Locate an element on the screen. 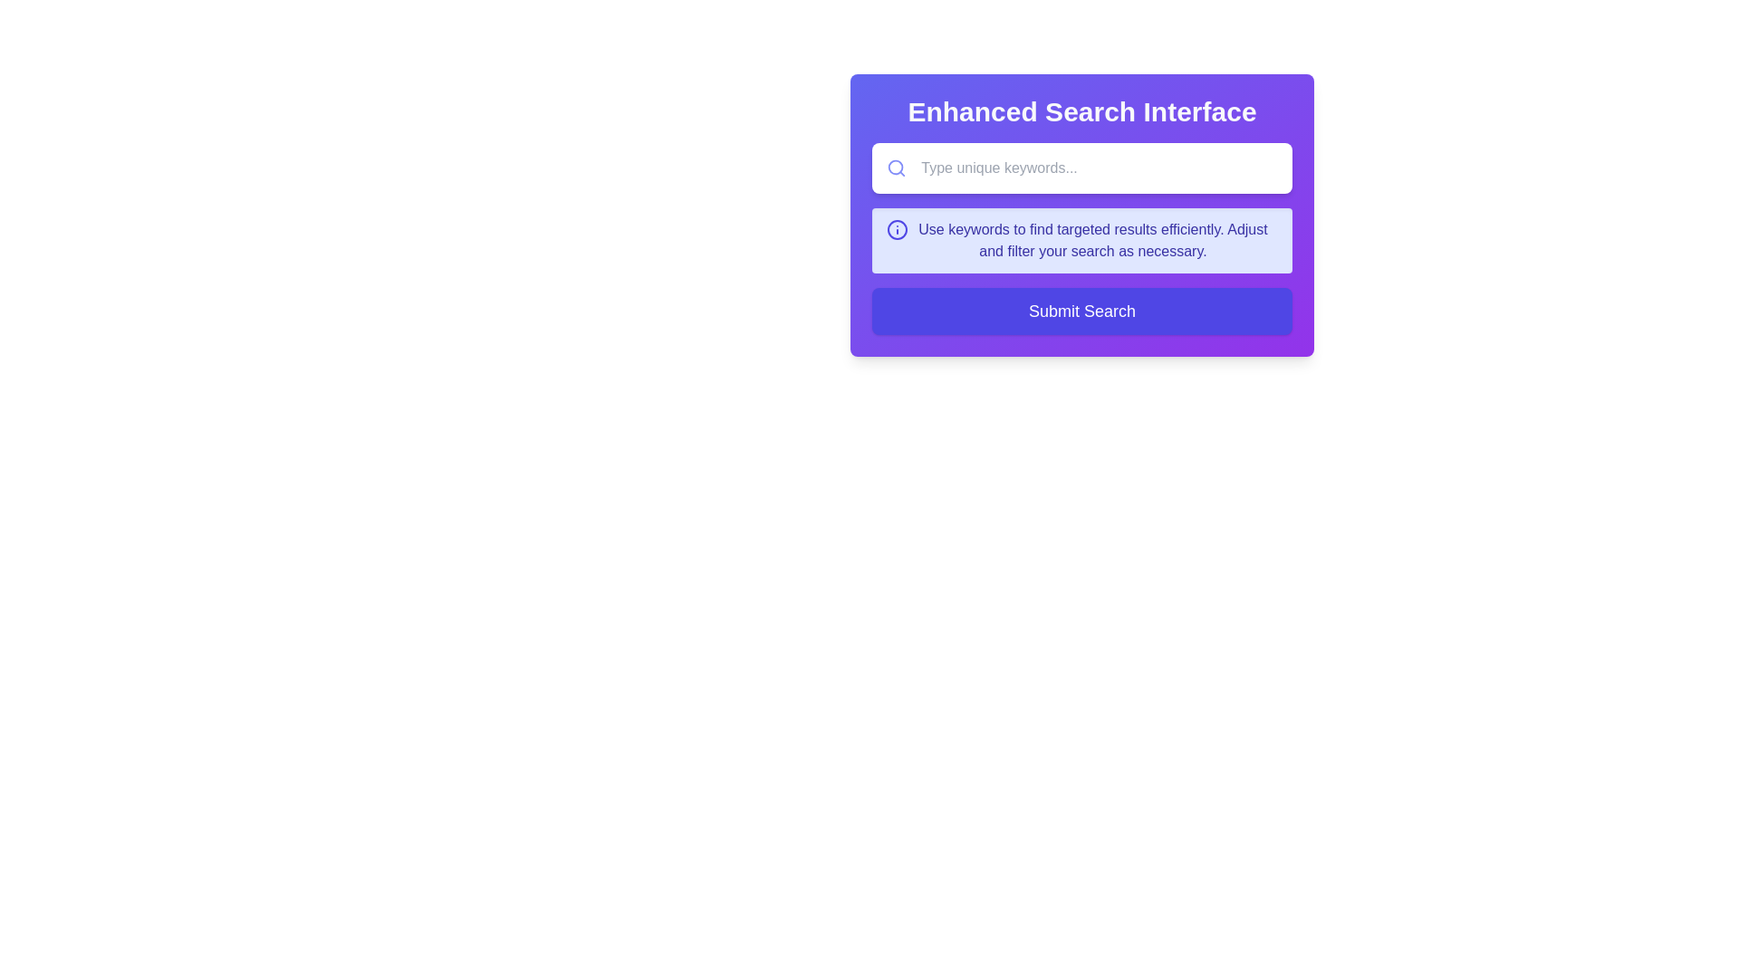 This screenshot has width=1739, height=978. instructional Text Label that is displayed in indigo font, located in a light indigo rectangular box, which provides guidance on using keywords for search results is located at coordinates (1091, 240).